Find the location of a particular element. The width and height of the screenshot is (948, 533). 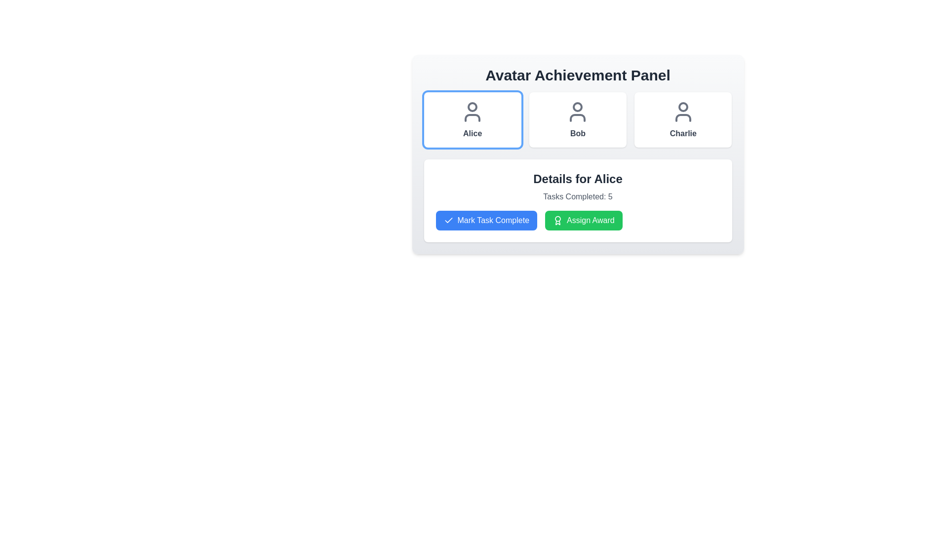

the small circular award icon located within the green 'Assign Award' button at the bottom-right corner of the 'Details for Alice' card is located at coordinates (558, 220).